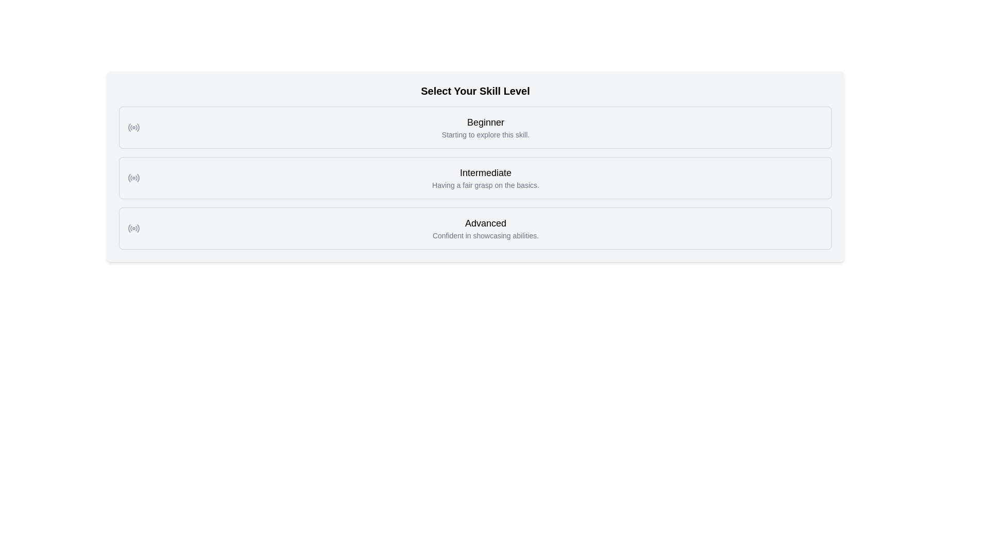 This screenshot has width=989, height=556. Describe the element at coordinates (485, 228) in the screenshot. I see `the 'Advanced' skill level option` at that location.